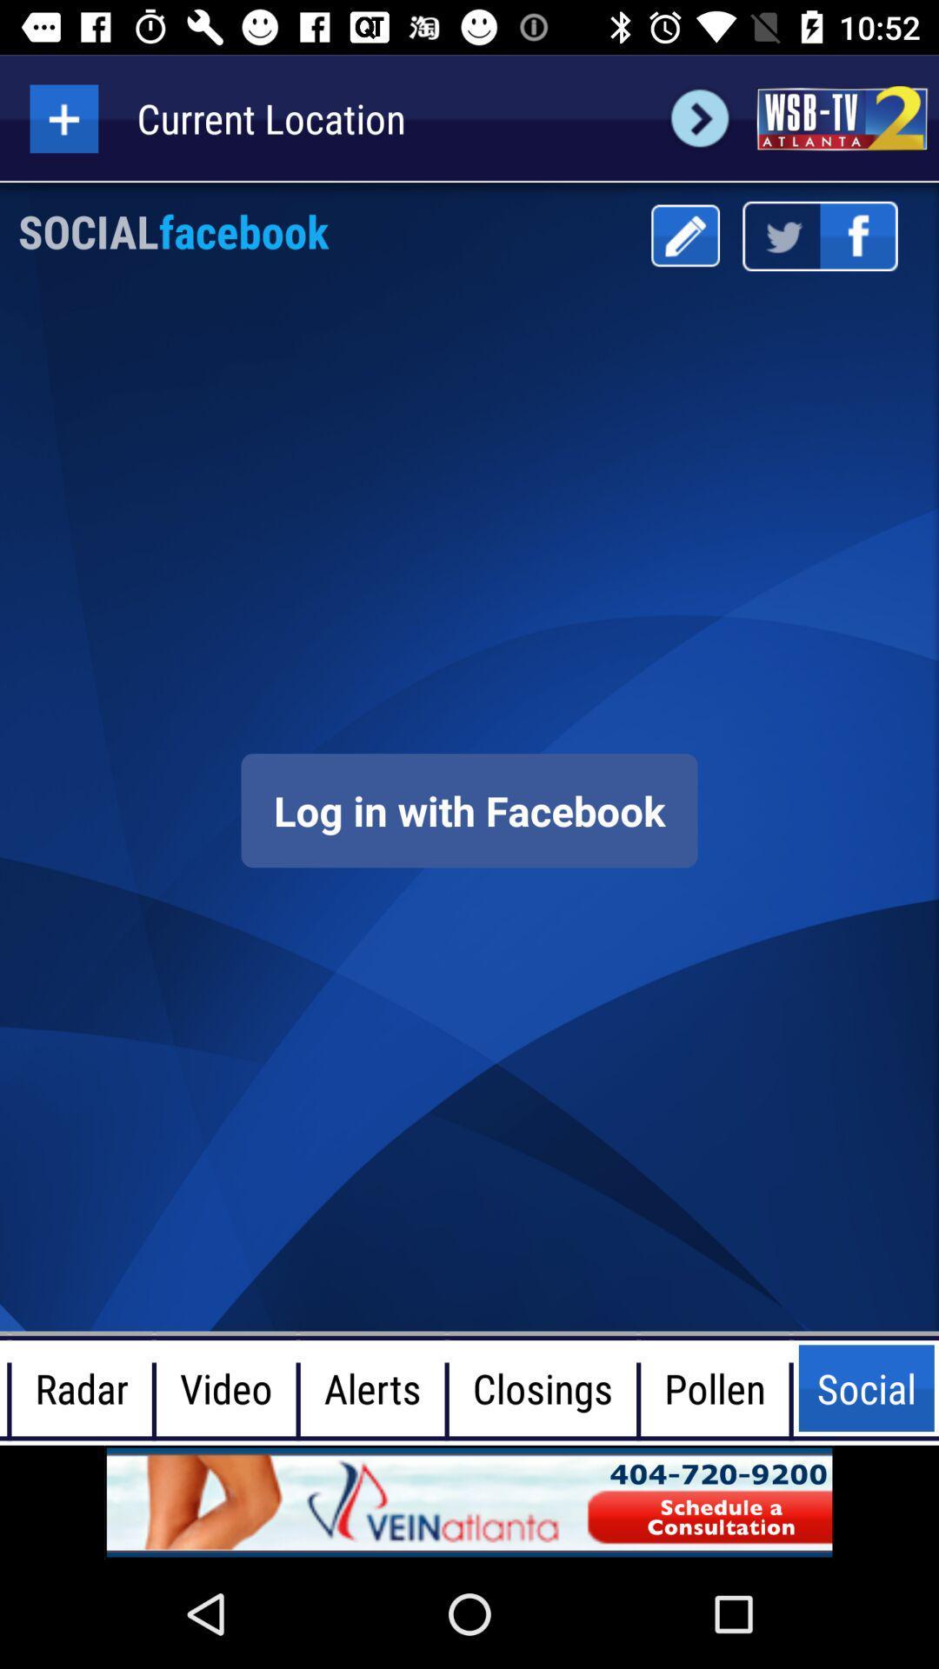 The height and width of the screenshot is (1669, 939). Describe the element at coordinates (469, 809) in the screenshot. I see `log in with facebook` at that location.